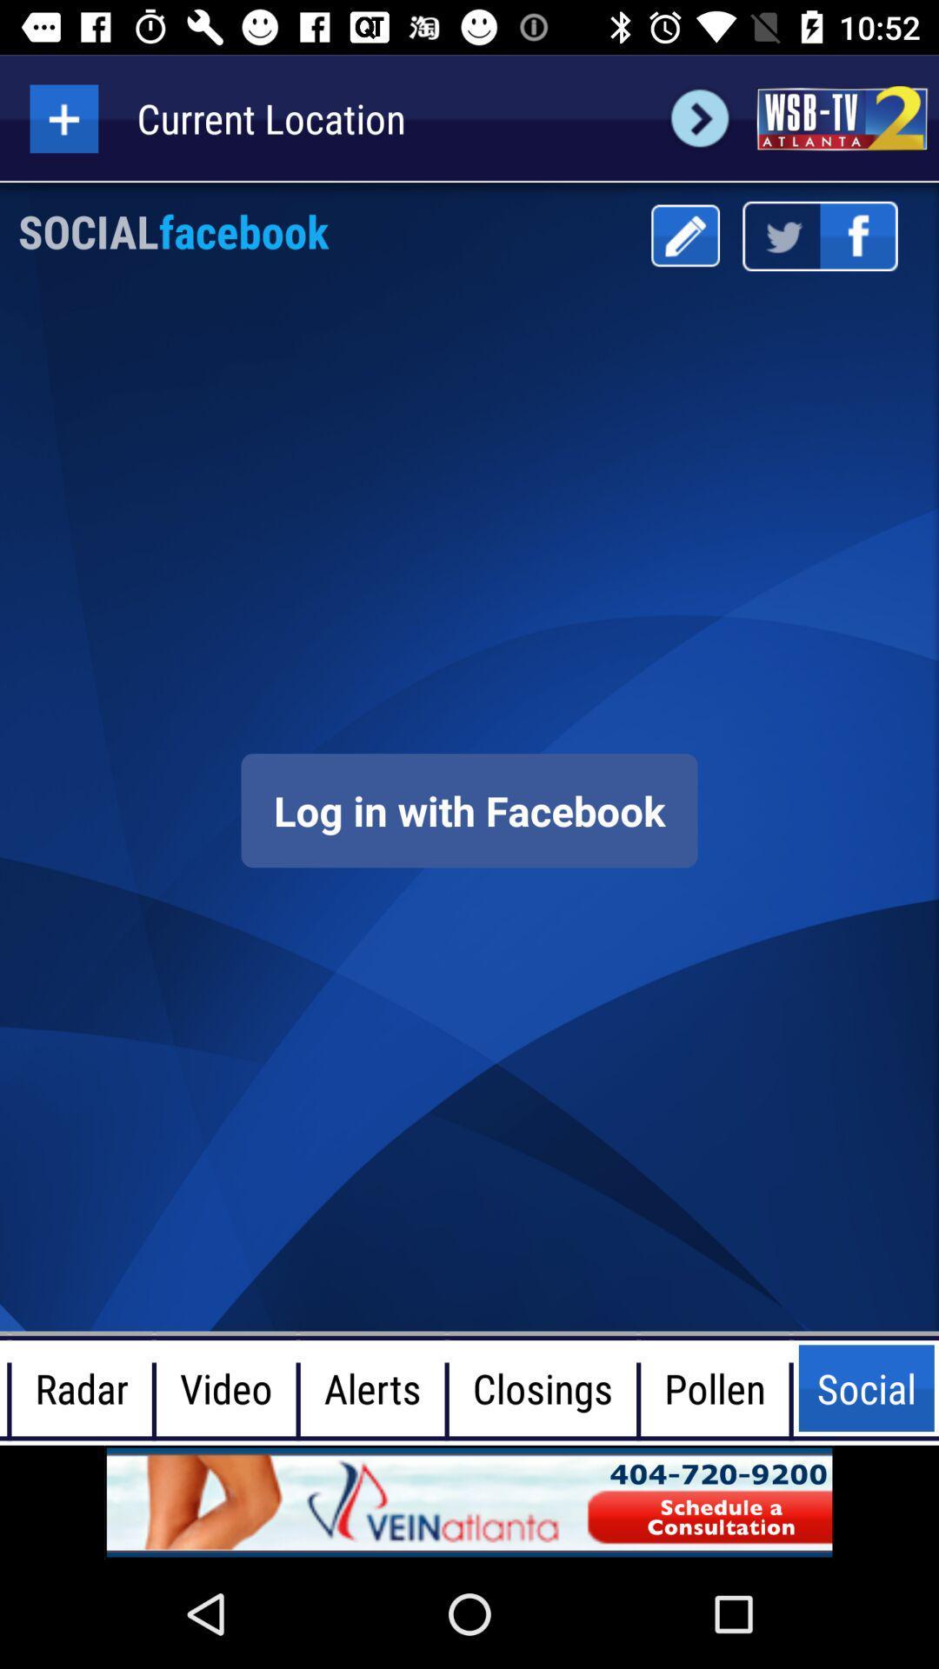 The height and width of the screenshot is (1669, 939). Describe the element at coordinates (469, 809) in the screenshot. I see `log in with facebook` at that location.